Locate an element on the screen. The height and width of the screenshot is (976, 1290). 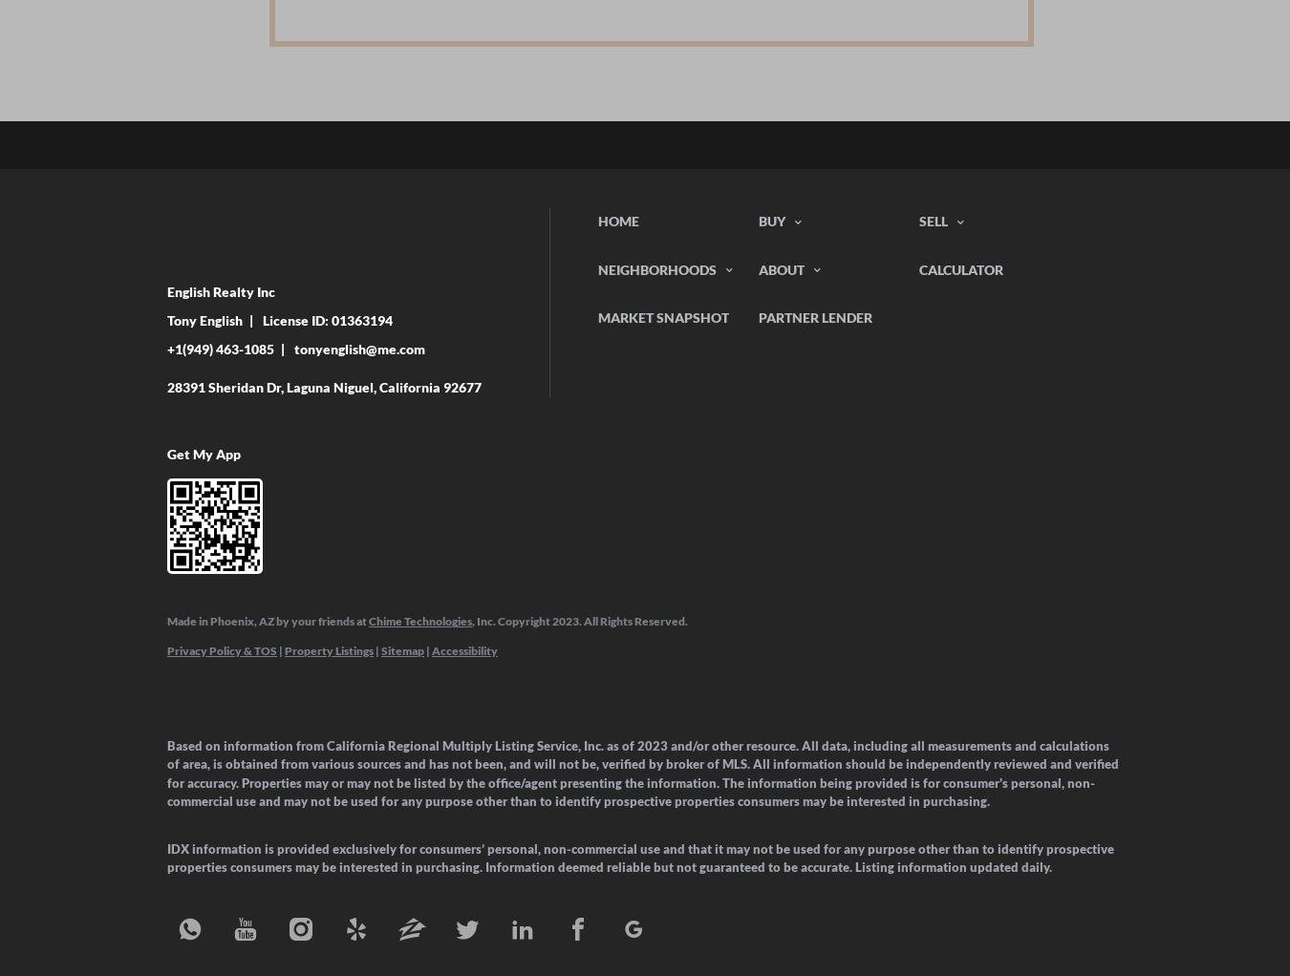
'Privacy Policy & TOS' is located at coordinates (221, 648).